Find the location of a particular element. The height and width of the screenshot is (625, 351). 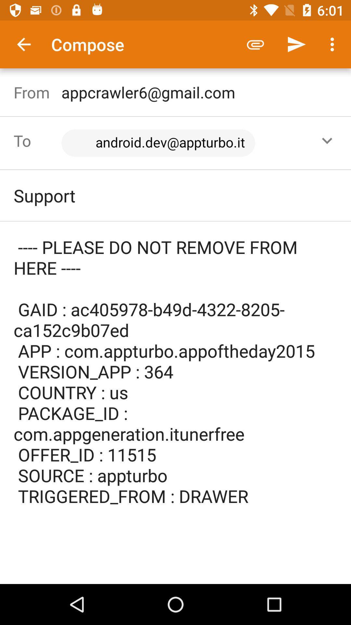

the icon above the from is located at coordinates (23, 44).